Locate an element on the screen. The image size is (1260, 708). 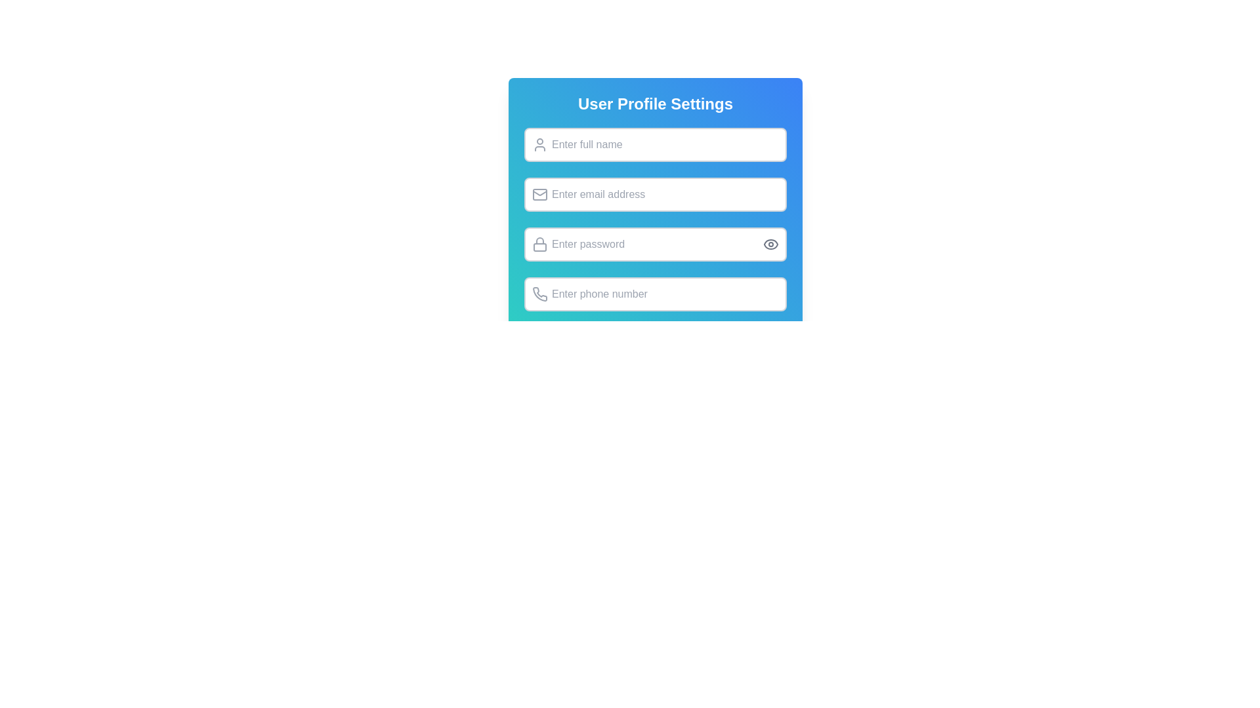
the decorative icon located within the password input field, which visually indicates that the field is for entering a password is located at coordinates (539, 241).